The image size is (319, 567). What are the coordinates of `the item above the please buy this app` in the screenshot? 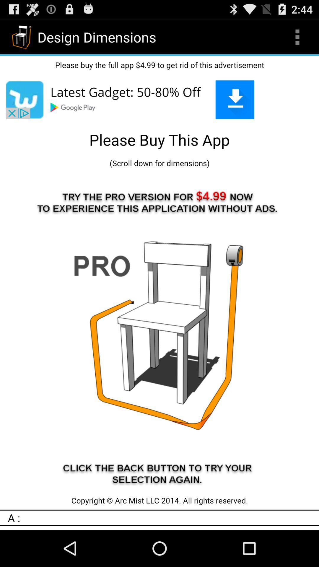 It's located at (159, 100).